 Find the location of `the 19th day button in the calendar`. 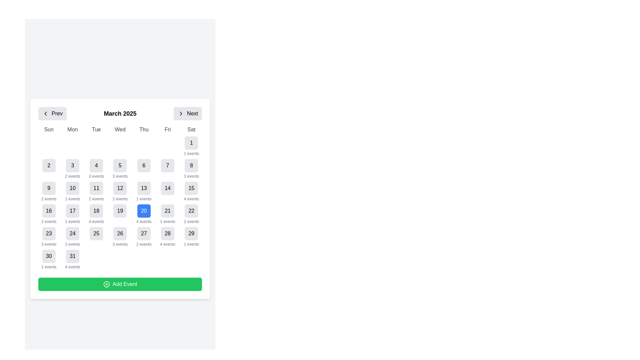

the 19th day button in the calendar is located at coordinates (120, 214).